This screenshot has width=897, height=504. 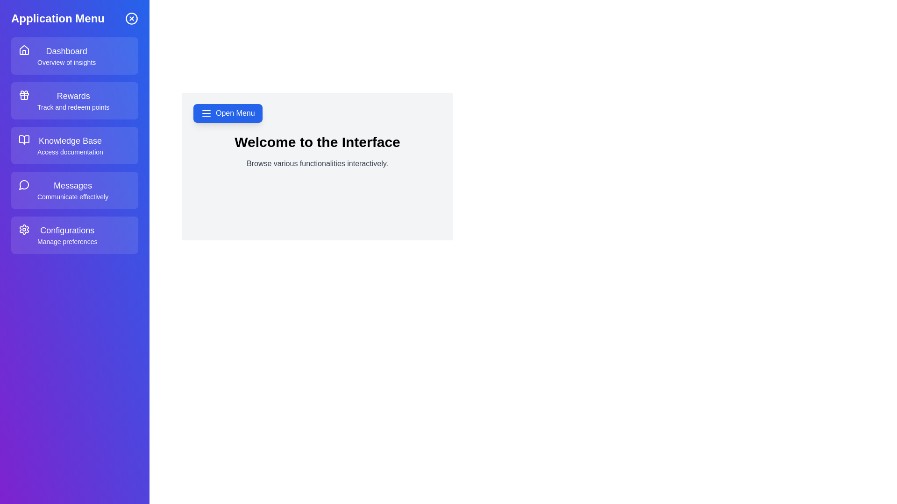 I want to click on the text 'Welcome to the Interface' to interact with it, so click(x=317, y=142).